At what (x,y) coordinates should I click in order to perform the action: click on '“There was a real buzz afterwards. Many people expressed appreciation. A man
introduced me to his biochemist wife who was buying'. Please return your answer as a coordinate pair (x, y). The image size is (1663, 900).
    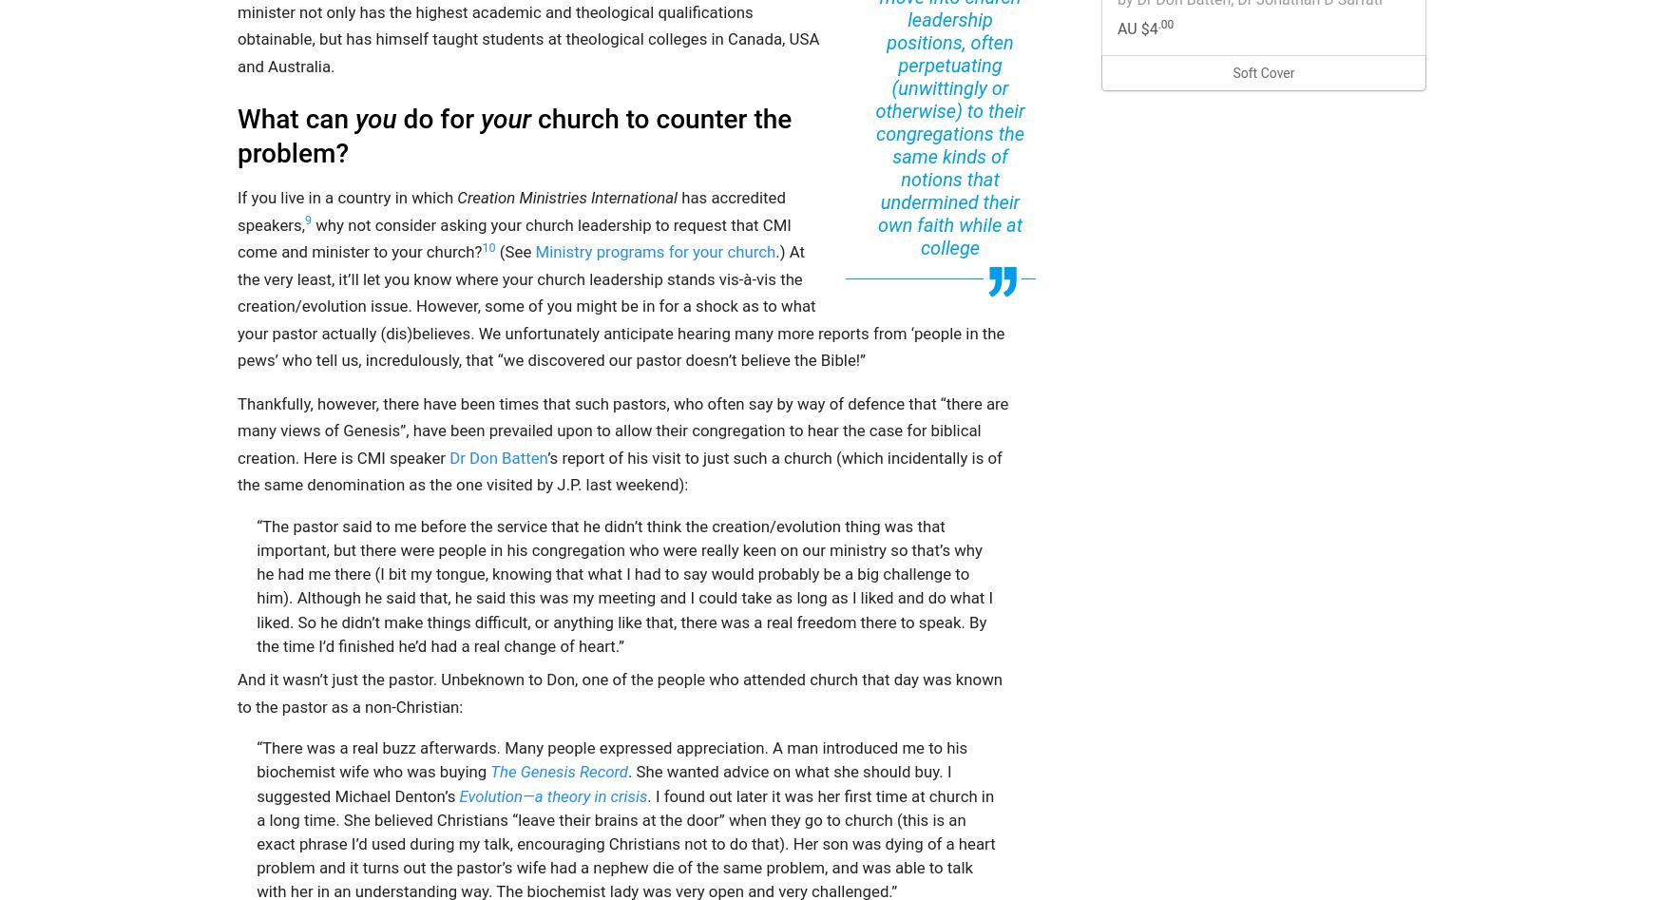
    Looking at the image, I should click on (611, 759).